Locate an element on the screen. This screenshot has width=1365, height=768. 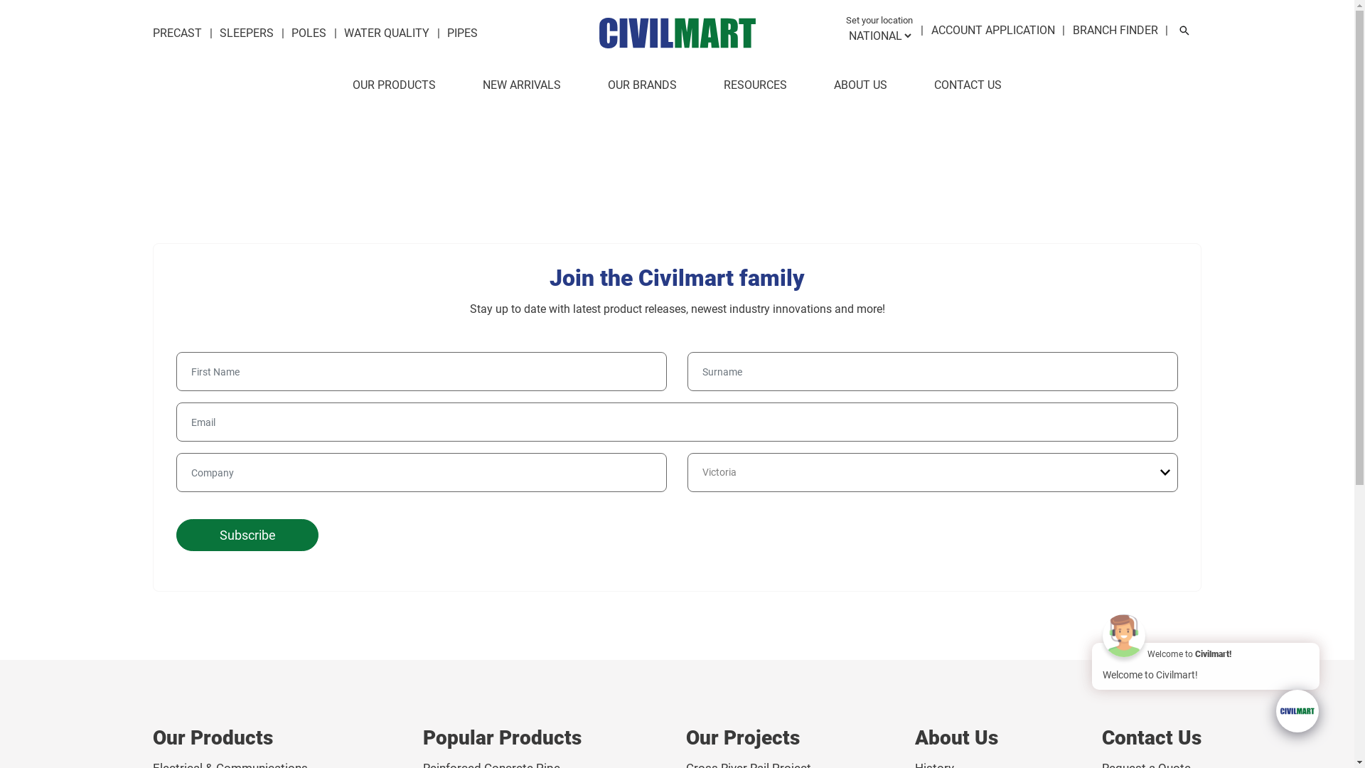
'POLES' is located at coordinates (308, 32).